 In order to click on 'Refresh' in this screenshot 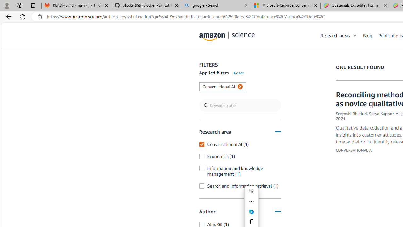, I will do `click(23, 16)`.